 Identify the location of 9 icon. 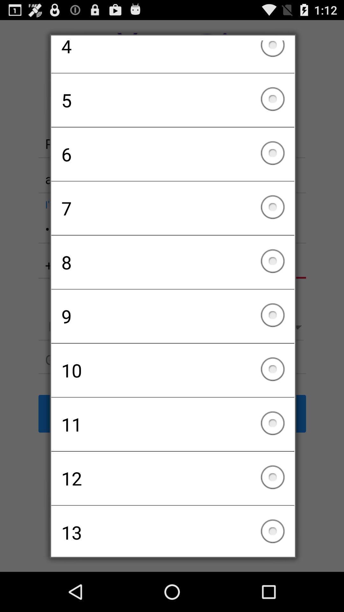
(173, 316).